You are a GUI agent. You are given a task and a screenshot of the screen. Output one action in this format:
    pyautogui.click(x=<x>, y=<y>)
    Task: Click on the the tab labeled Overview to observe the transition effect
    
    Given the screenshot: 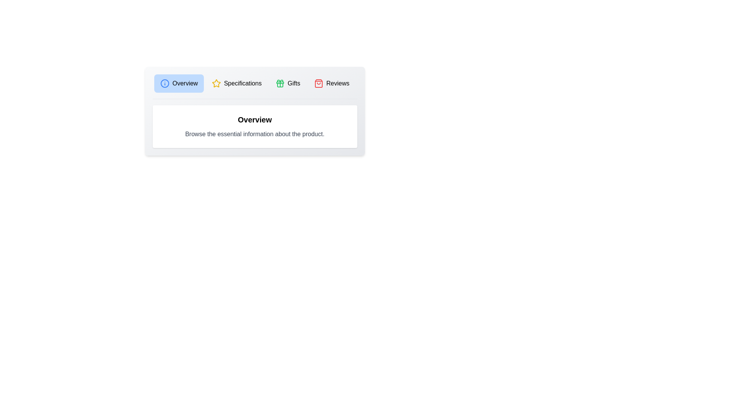 What is the action you would take?
    pyautogui.click(x=179, y=84)
    